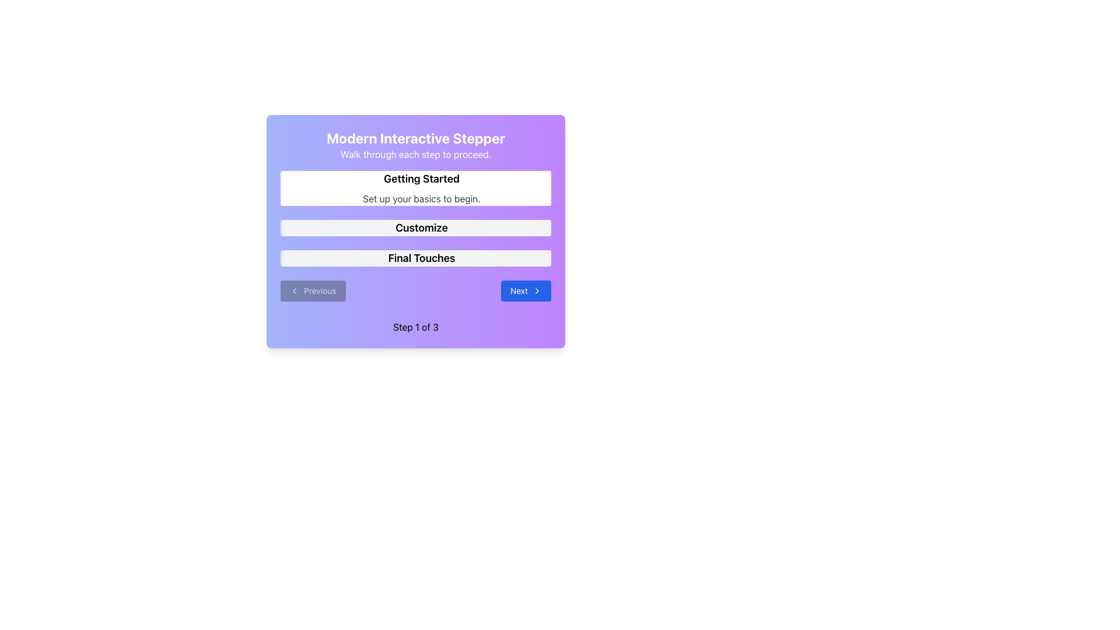 The image size is (1120, 630). What do you see at coordinates (416, 154) in the screenshot?
I see `the descriptive text label located under the 'Modern Interactive Stepper', which serves as guidance for the stepper functionality` at bounding box center [416, 154].